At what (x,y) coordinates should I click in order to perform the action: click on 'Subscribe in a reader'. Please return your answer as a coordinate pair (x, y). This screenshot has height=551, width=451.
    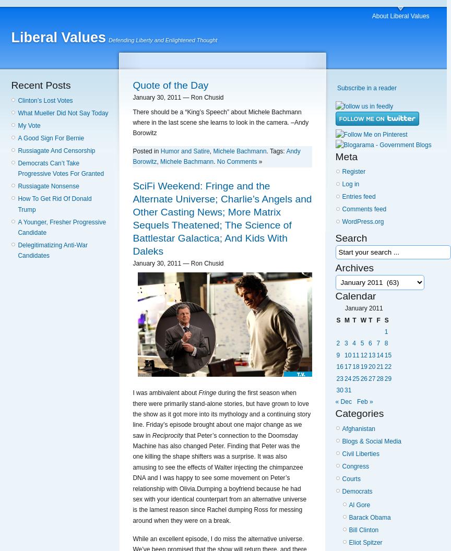
    Looking at the image, I should click on (366, 88).